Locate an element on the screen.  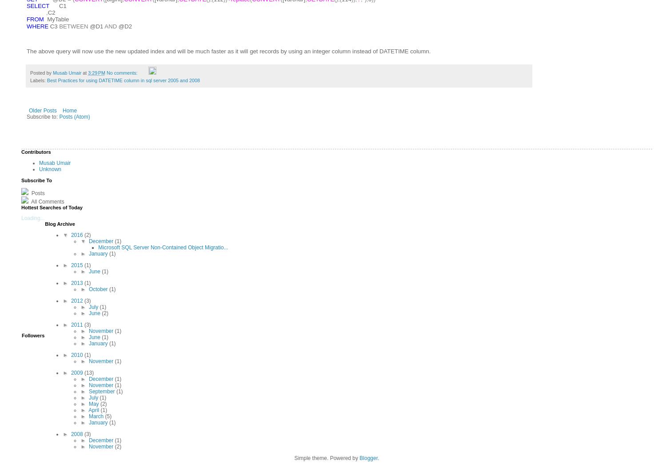
'@D2' is located at coordinates (124, 26).